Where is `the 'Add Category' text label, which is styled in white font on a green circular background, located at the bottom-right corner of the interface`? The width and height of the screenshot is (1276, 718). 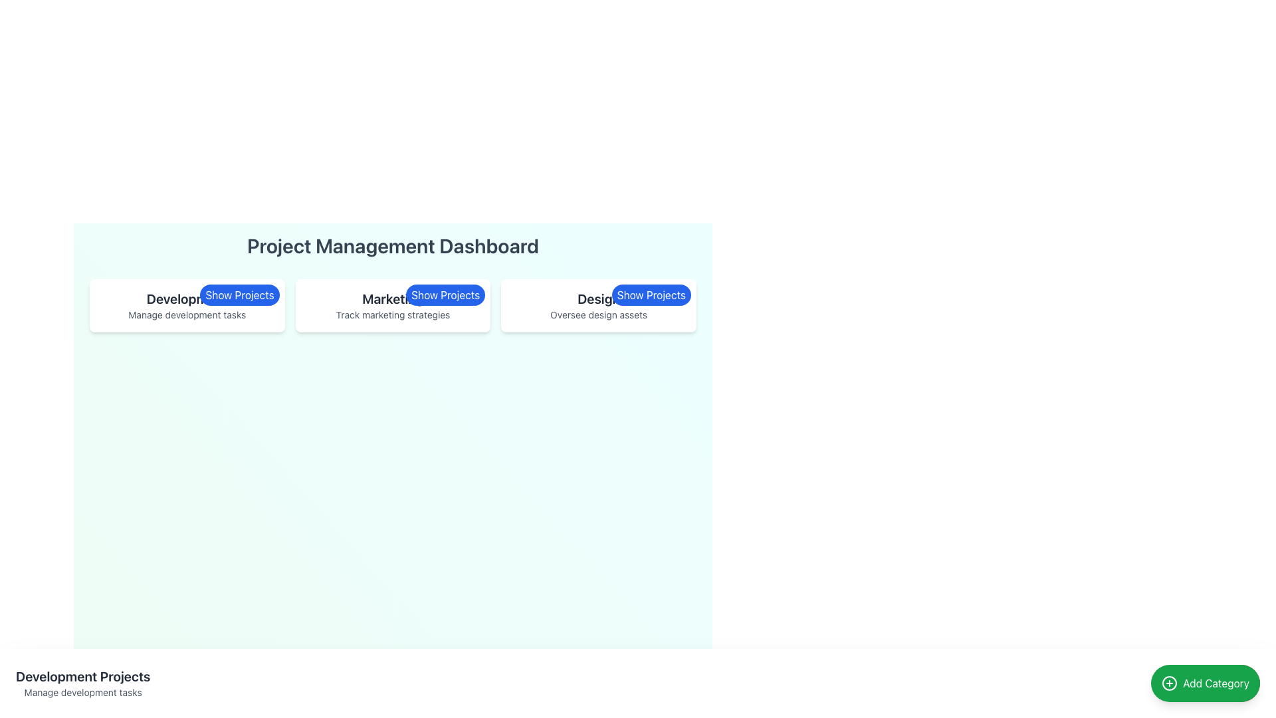
the 'Add Category' text label, which is styled in white font on a green circular background, located at the bottom-right corner of the interface is located at coordinates (1216, 683).